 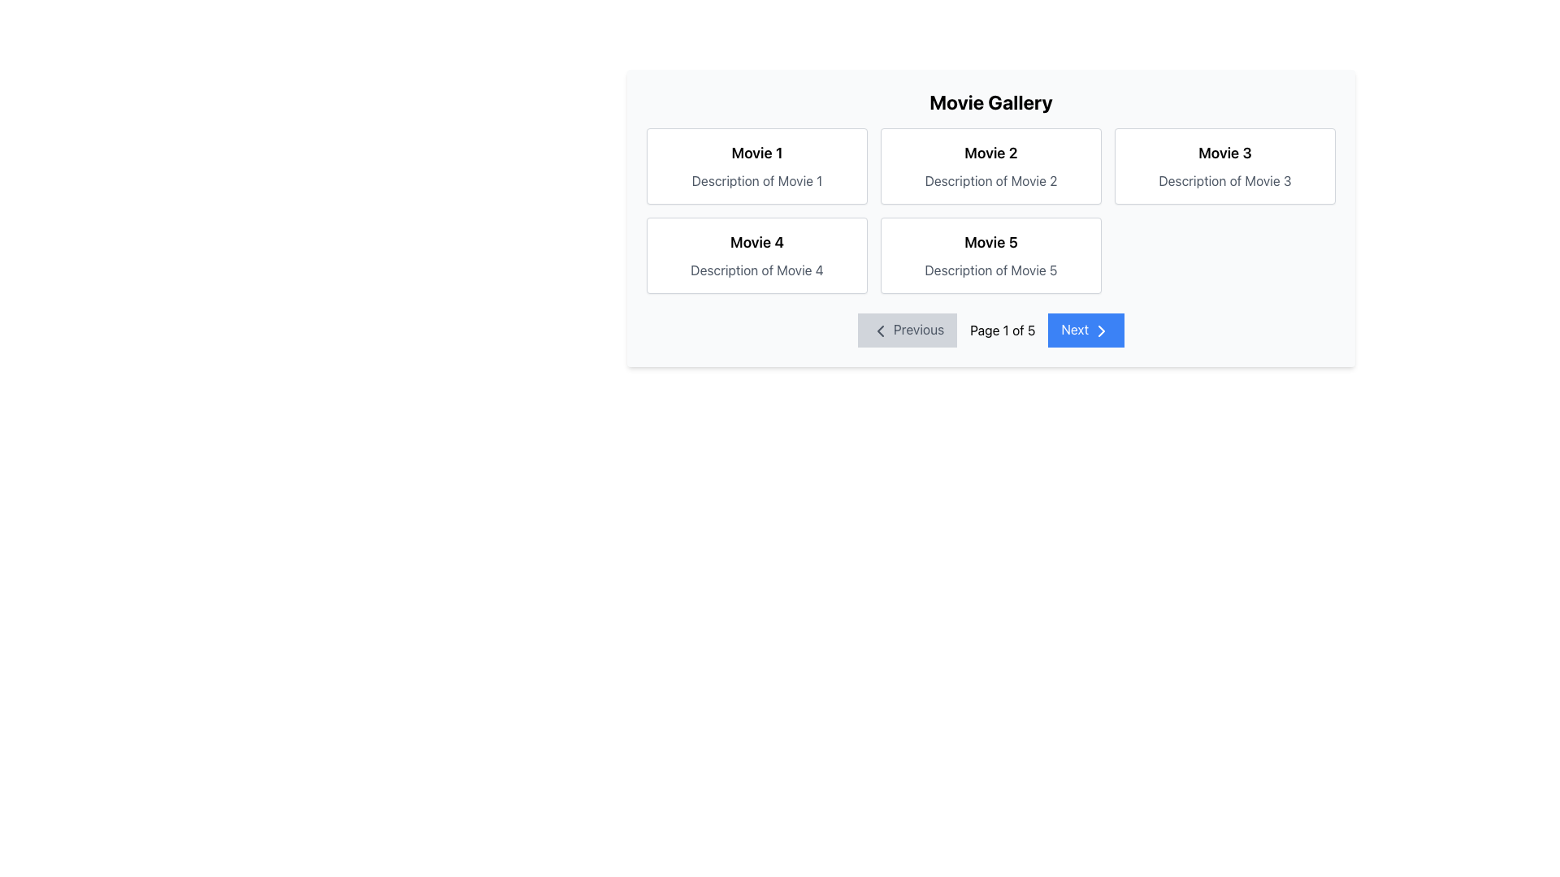 I want to click on informational text providing a description or subtitle for the movie titled 'Movie 4', located within the white card in the bottom-left cell of the 2x3 grid layout, so click(x=756, y=269).